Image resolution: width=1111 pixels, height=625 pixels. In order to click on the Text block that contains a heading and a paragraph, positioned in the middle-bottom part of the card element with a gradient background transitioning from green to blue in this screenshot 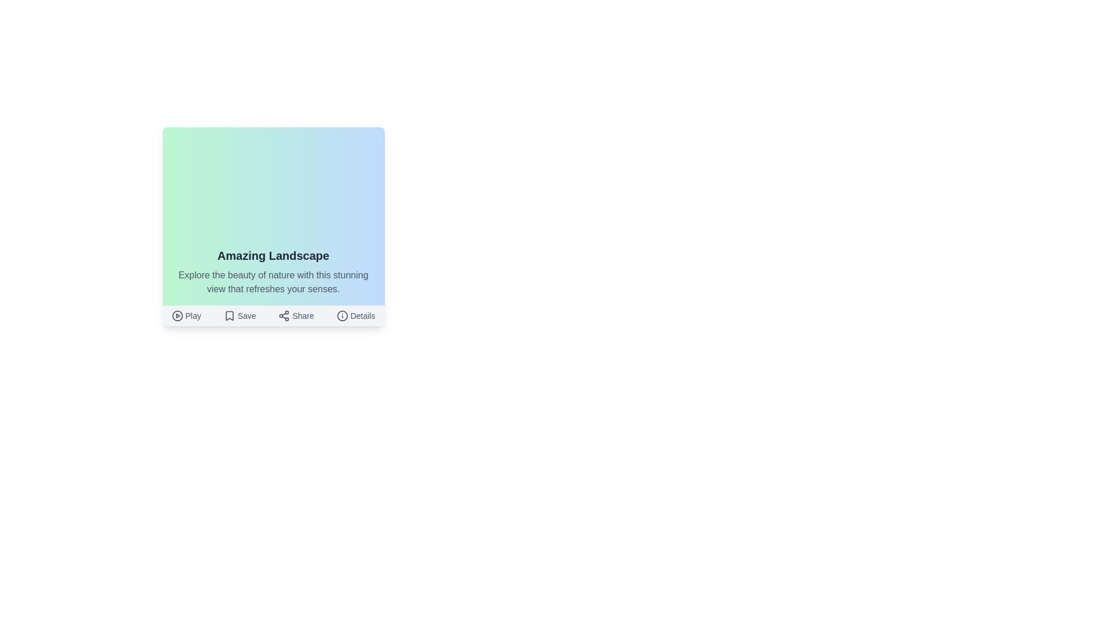, I will do `click(273, 272)`.